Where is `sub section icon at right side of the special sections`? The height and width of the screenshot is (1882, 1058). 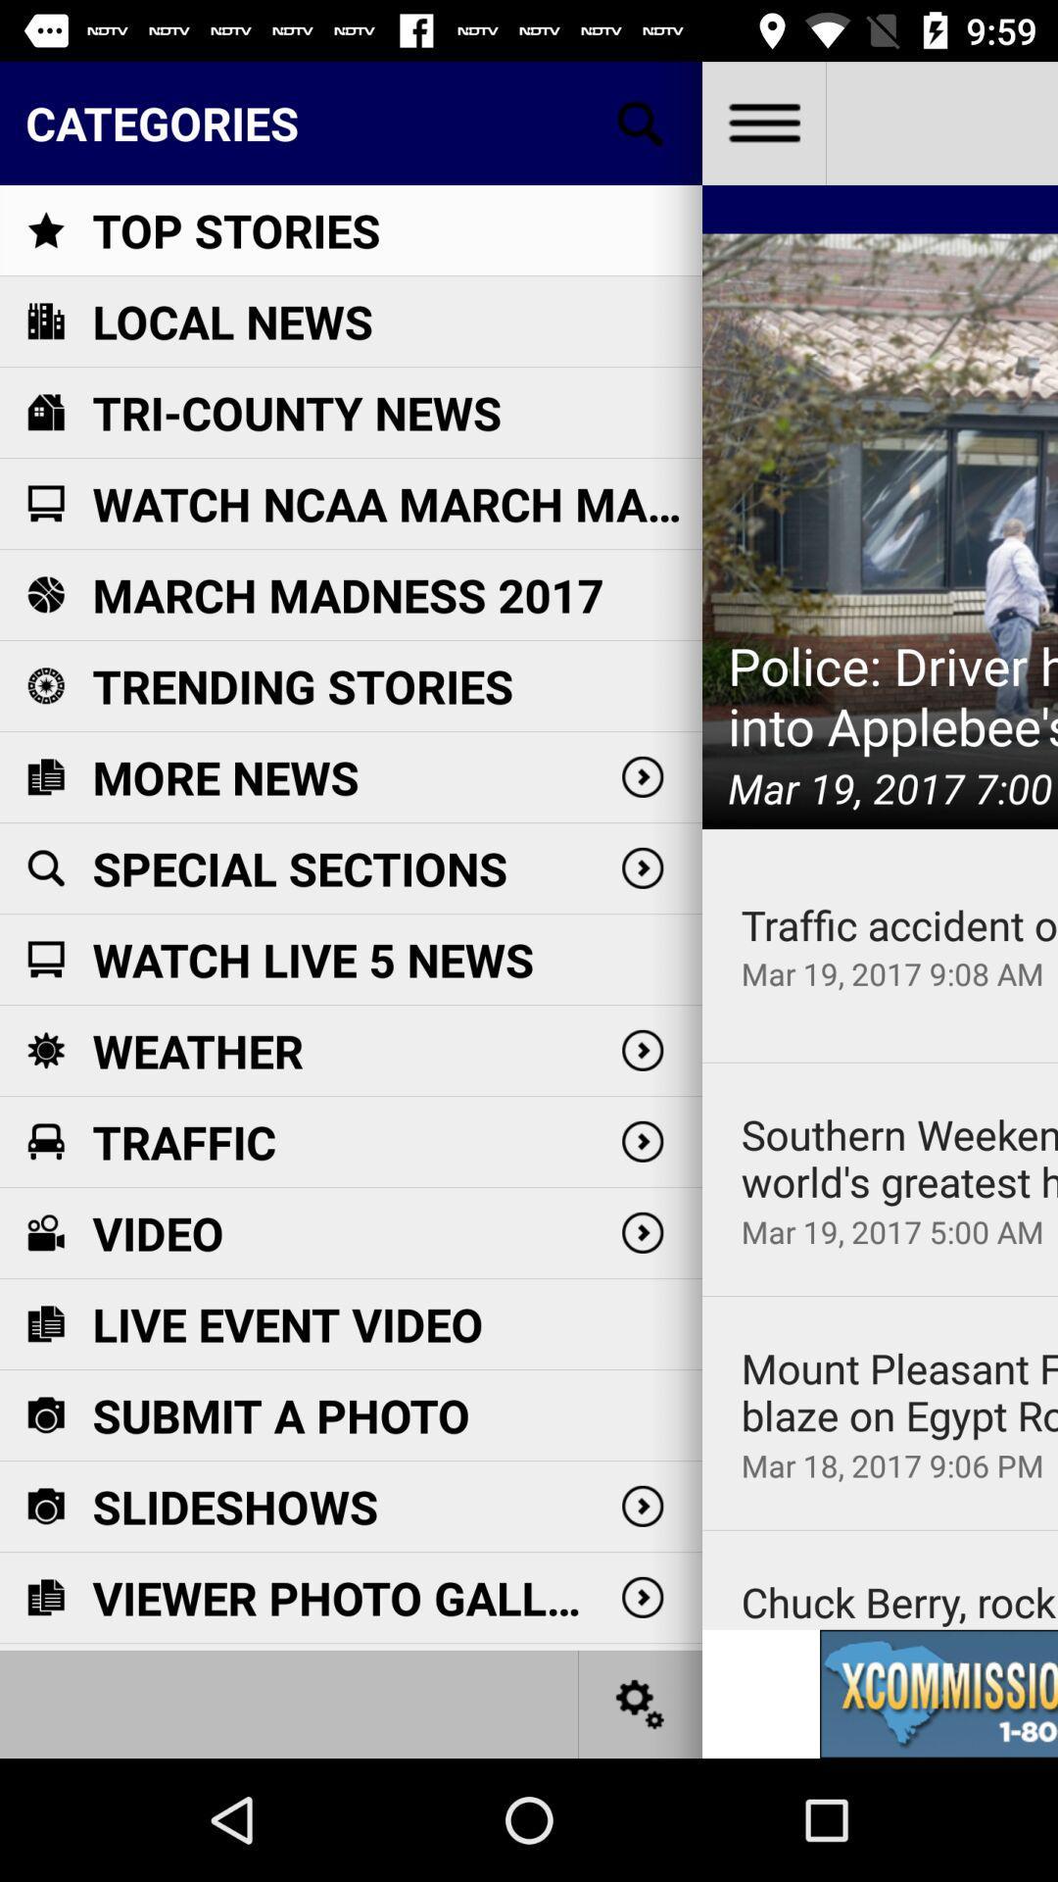
sub section icon at right side of the special sections is located at coordinates (642, 867).